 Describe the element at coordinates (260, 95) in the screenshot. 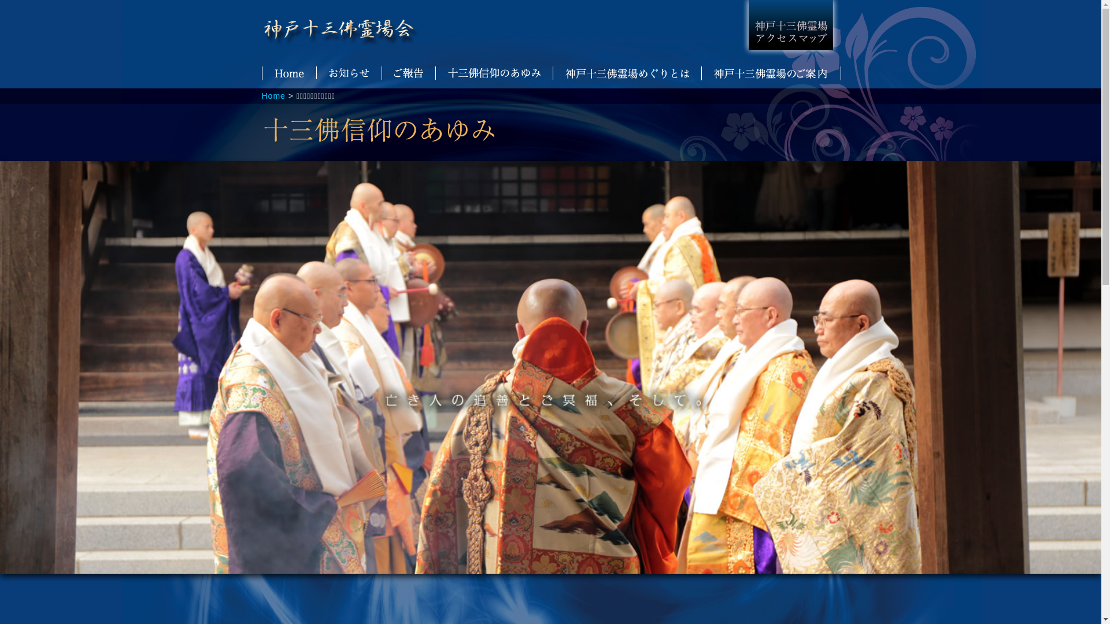

I see `'Home'` at that location.